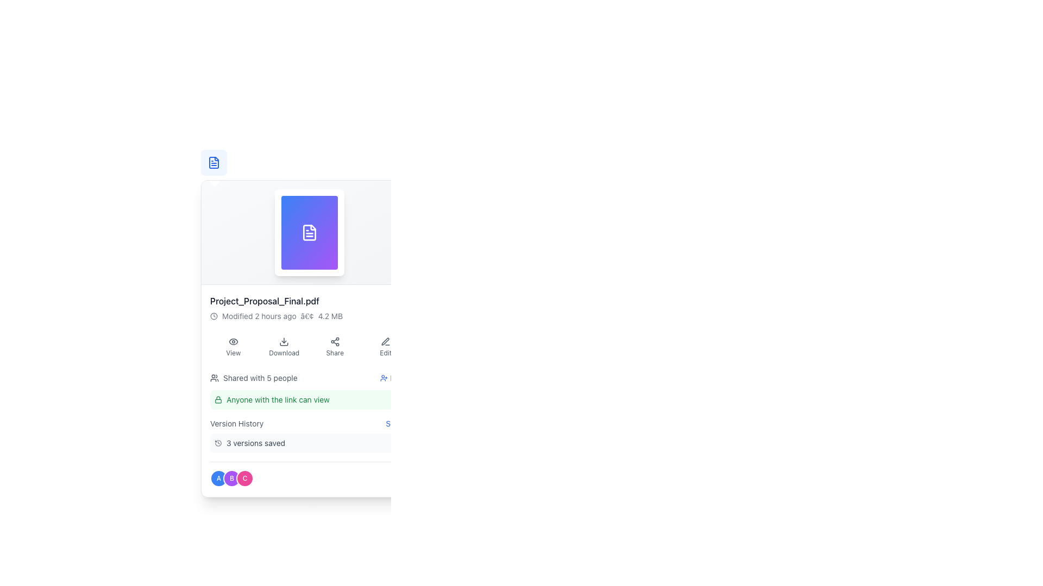 This screenshot has width=1043, height=586. I want to click on the stylized vector graphic document icon located near the top left area of the interface to interact with the file it represents, so click(213, 163).